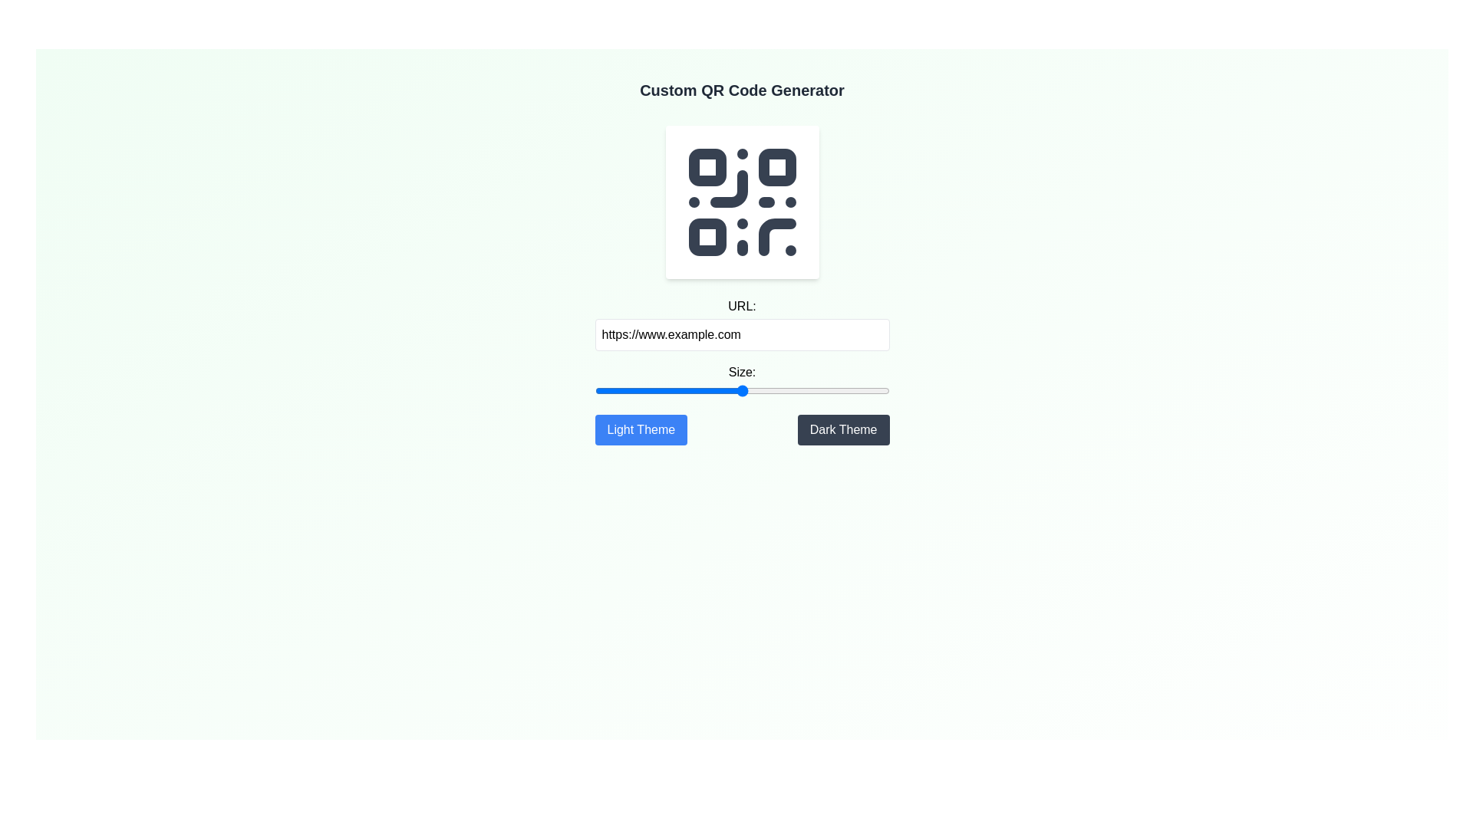 The height and width of the screenshot is (828, 1473). Describe the element at coordinates (706, 236) in the screenshot. I see `the small square with rounded corners located in the bottom-left position of the QR code, which is the third square among similar elements` at that location.